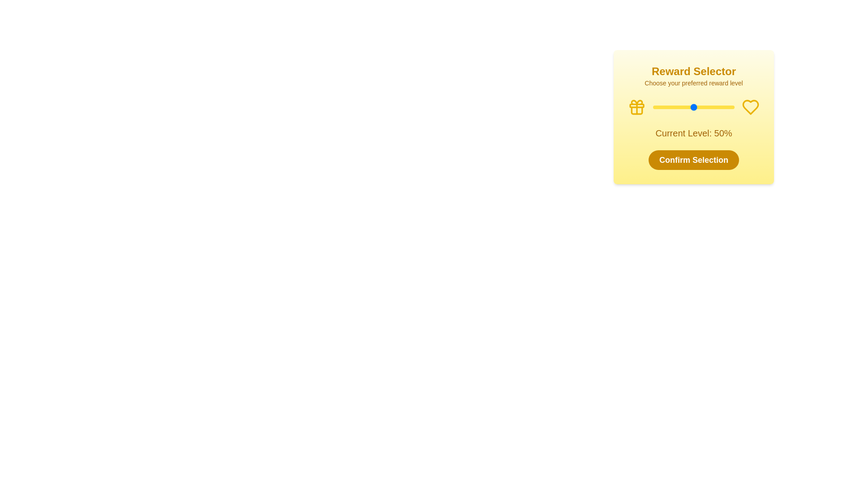  Describe the element at coordinates (693, 106) in the screenshot. I see `the yellow range slider located in the 'Reward Selector' card, positioned below 'Choose your preferred reward level' and above 'Current Level: 50%'` at that location.